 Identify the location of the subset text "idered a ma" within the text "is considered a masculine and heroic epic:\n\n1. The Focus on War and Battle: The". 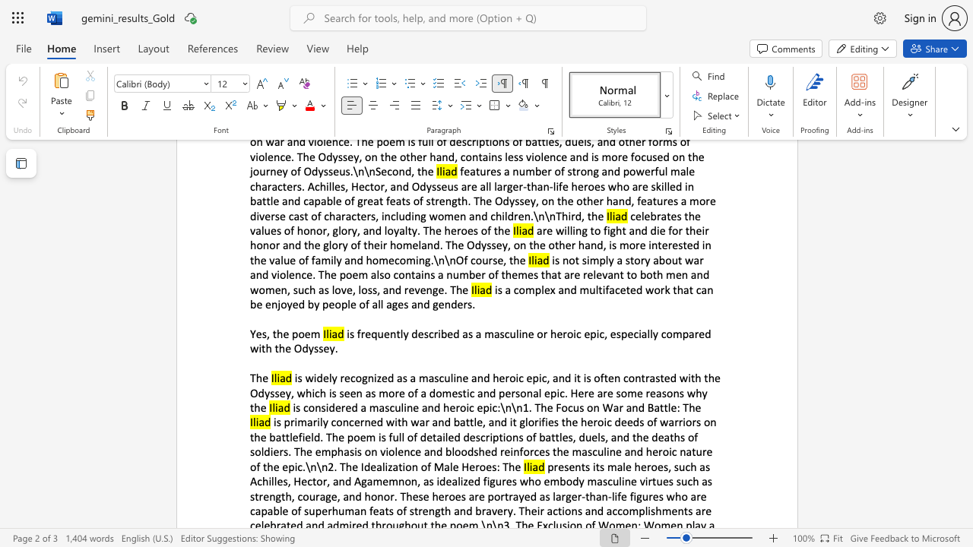
(325, 406).